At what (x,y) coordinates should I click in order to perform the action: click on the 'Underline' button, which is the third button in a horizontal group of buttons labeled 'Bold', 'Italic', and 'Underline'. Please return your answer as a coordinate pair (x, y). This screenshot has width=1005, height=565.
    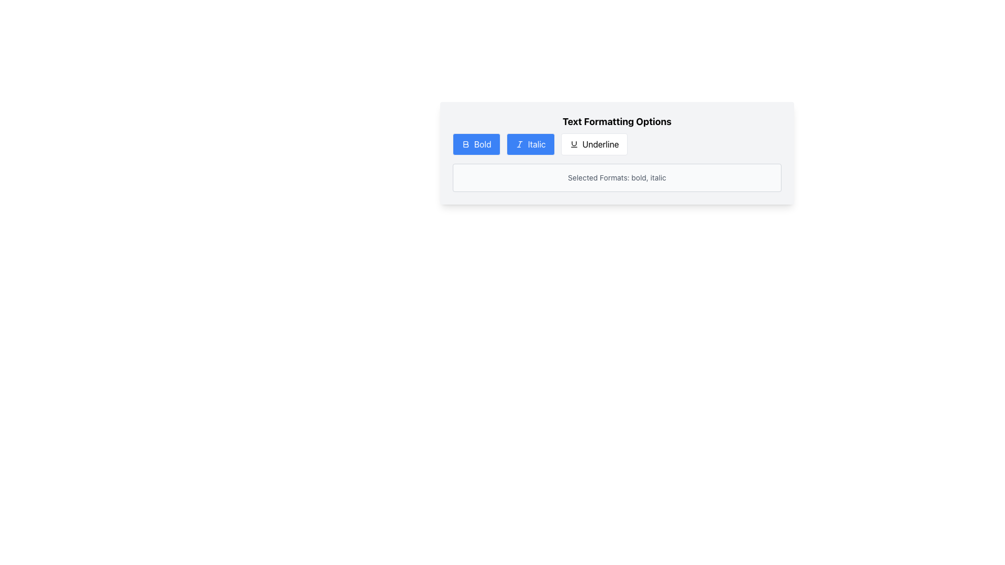
    Looking at the image, I should click on (594, 144).